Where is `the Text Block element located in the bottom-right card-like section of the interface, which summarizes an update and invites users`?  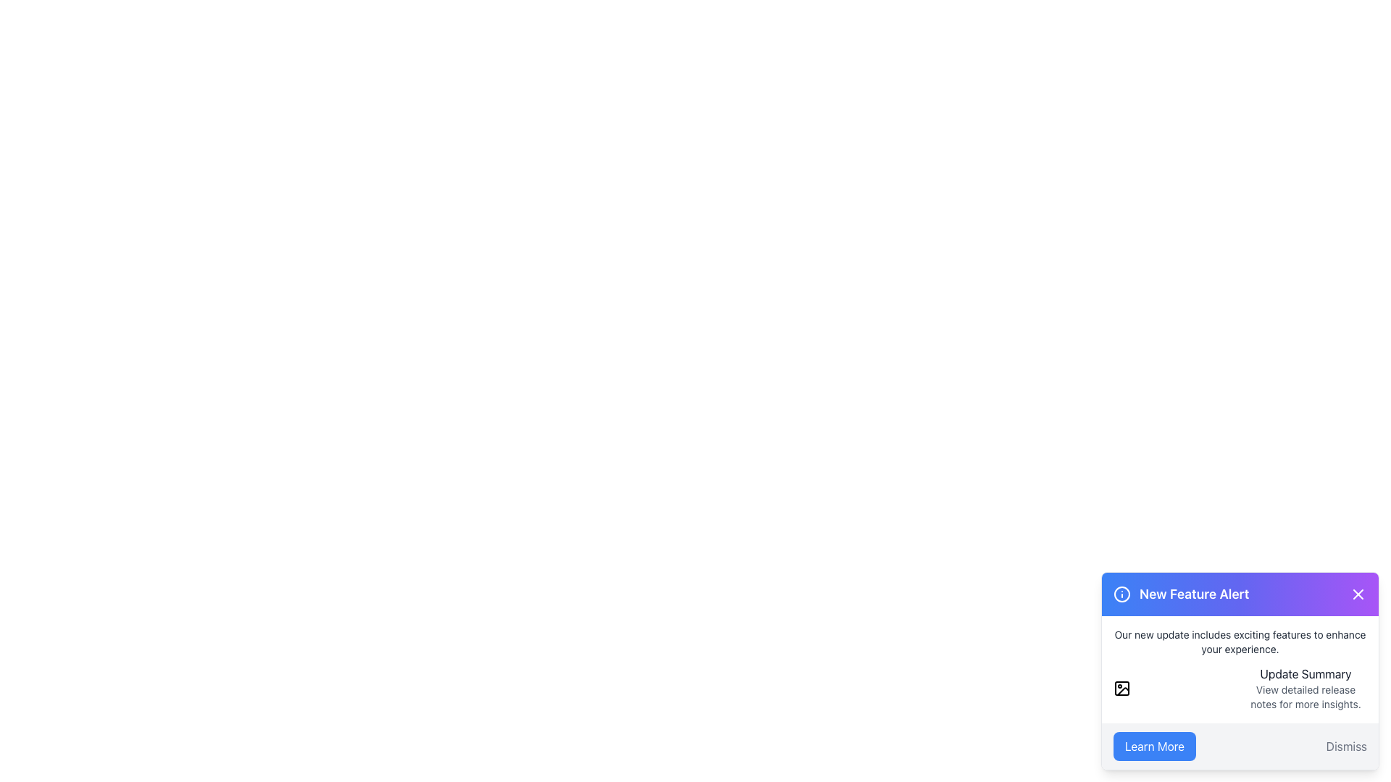
the Text Block element located in the bottom-right card-like section of the interface, which summarizes an update and invites users is located at coordinates (1306, 688).